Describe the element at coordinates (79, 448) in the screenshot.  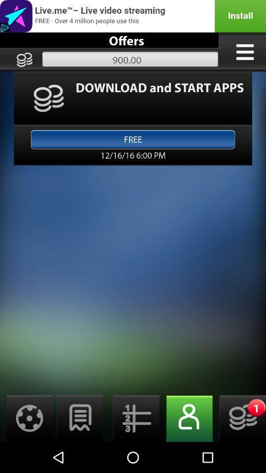
I see `the chat icon` at that location.